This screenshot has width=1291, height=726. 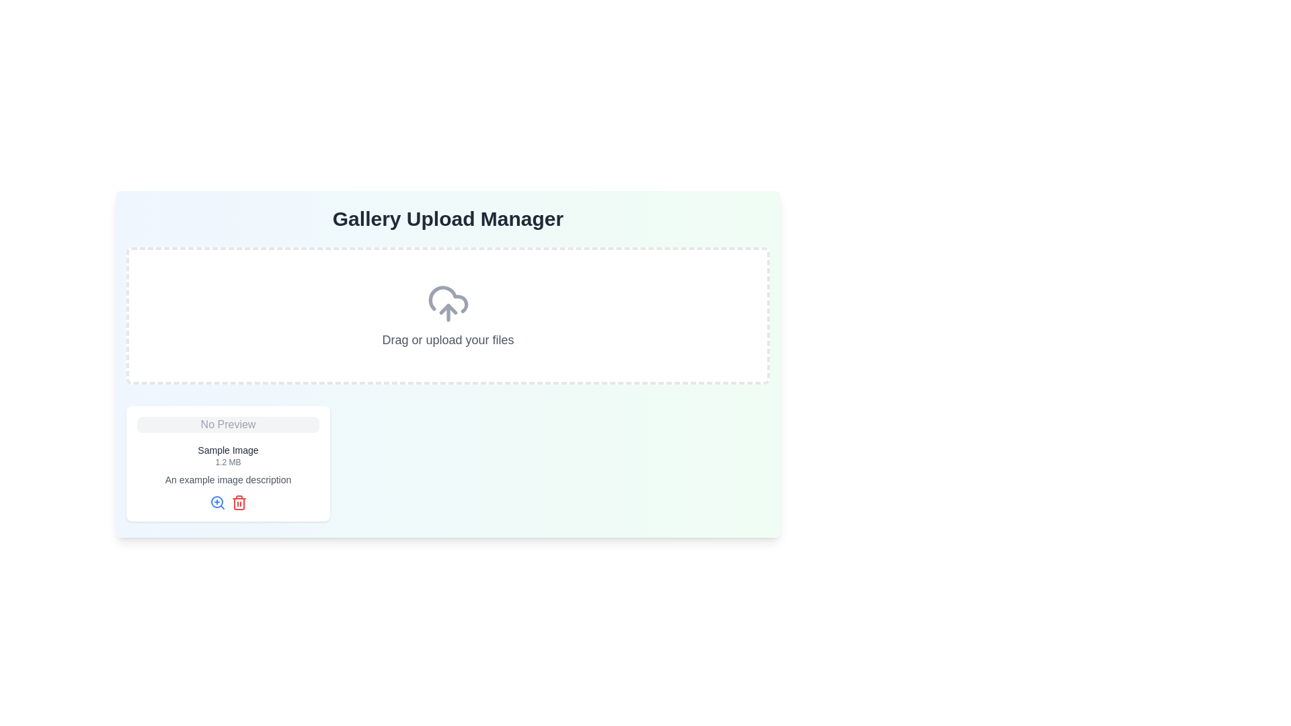 I want to click on the magnifying glass icon on the left of the horizontal icon group to zoom in, so click(x=228, y=503).